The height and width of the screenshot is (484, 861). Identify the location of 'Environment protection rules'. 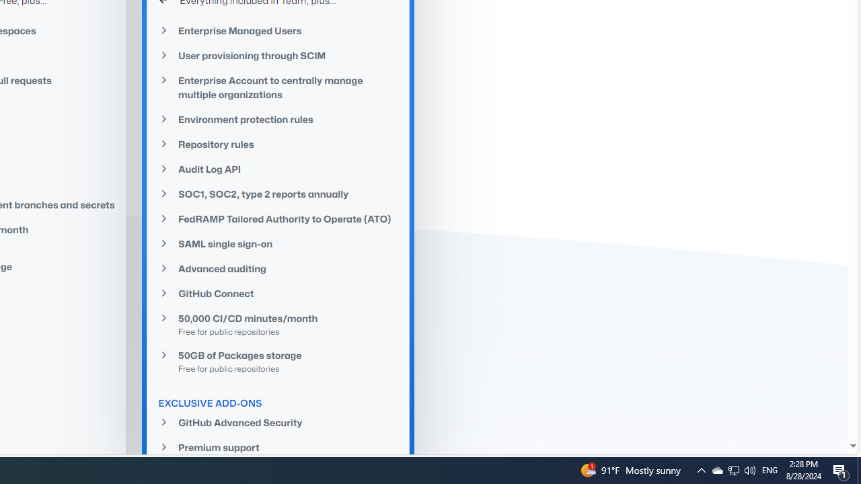
(278, 118).